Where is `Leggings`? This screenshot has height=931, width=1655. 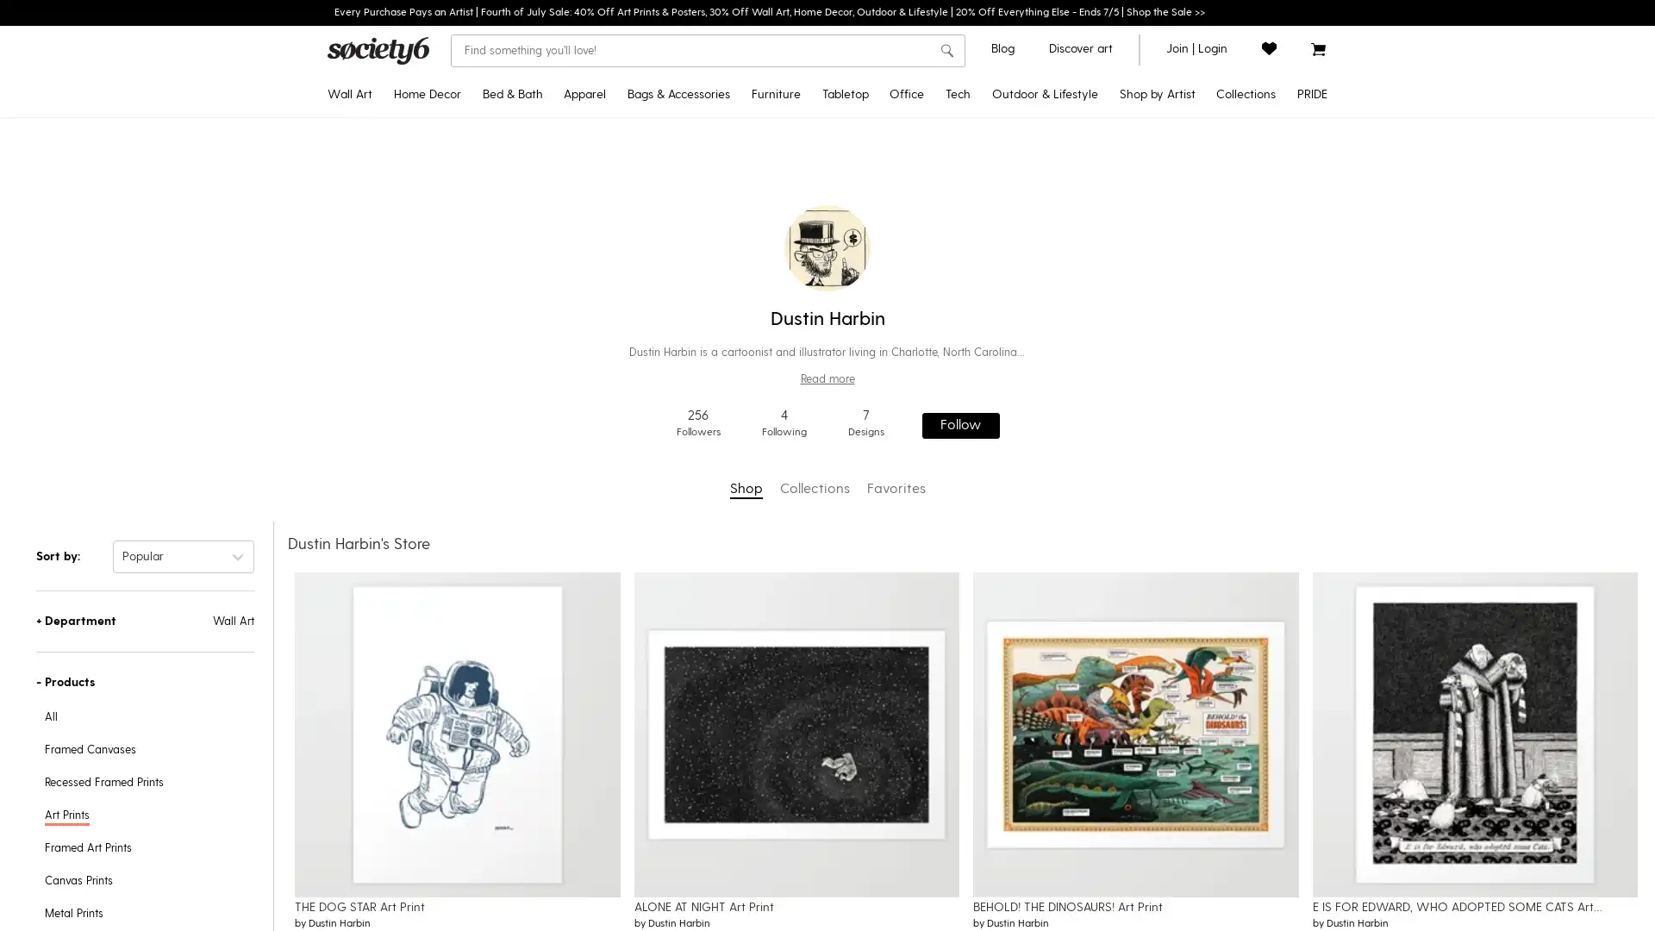 Leggings is located at coordinates (639, 332).